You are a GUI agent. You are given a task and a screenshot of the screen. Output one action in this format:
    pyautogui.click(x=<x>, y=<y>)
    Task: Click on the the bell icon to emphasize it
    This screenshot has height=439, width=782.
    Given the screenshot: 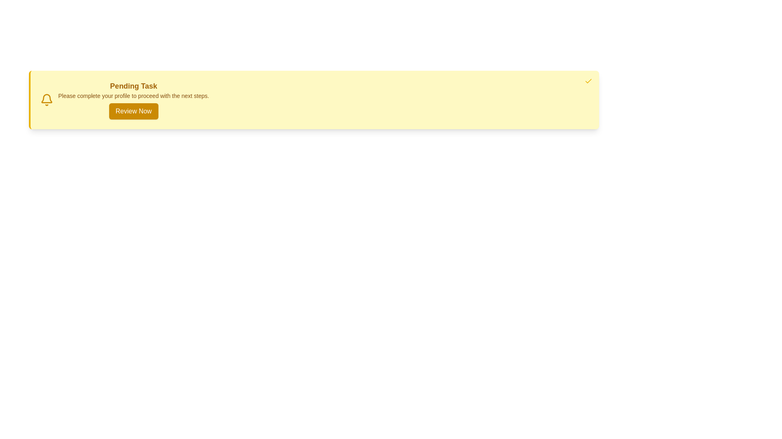 What is the action you would take?
    pyautogui.click(x=46, y=100)
    